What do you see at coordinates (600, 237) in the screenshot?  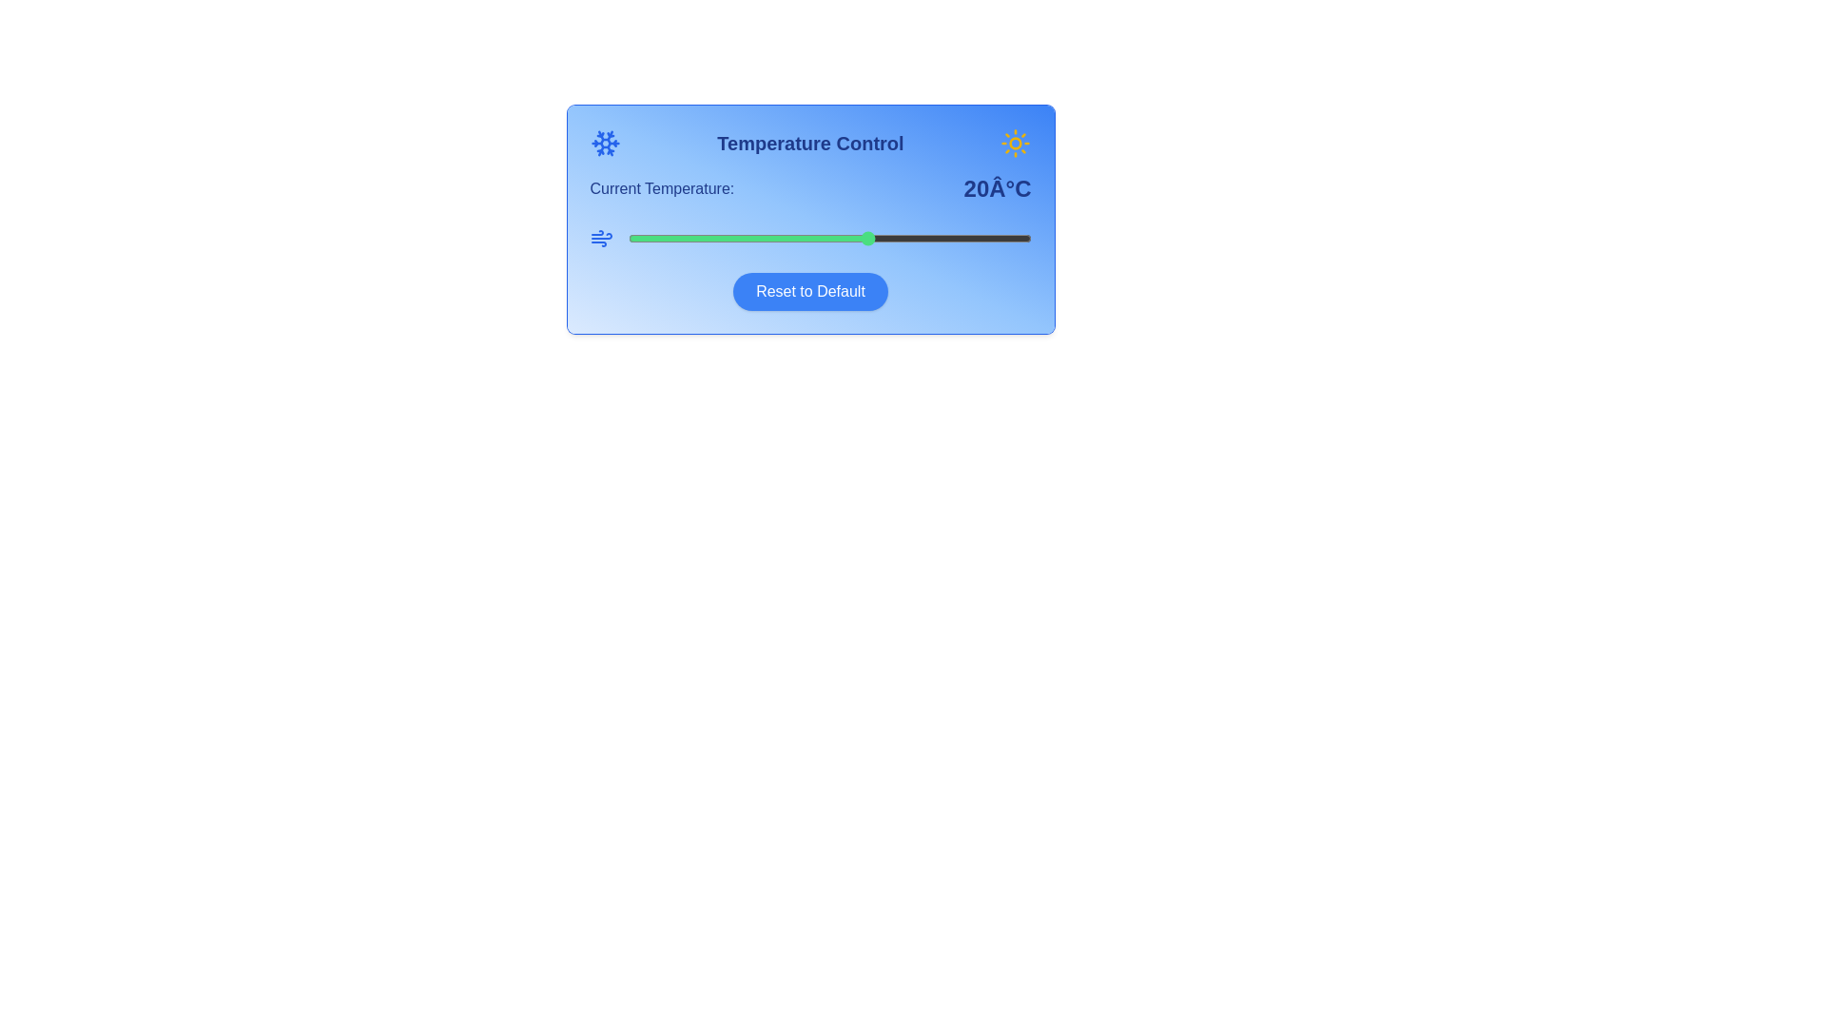 I see `the wind icon SVG element, which is styled in blue and located next to the 'Current Temperature' text in the temperature control interface` at bounding box center [600, 237].